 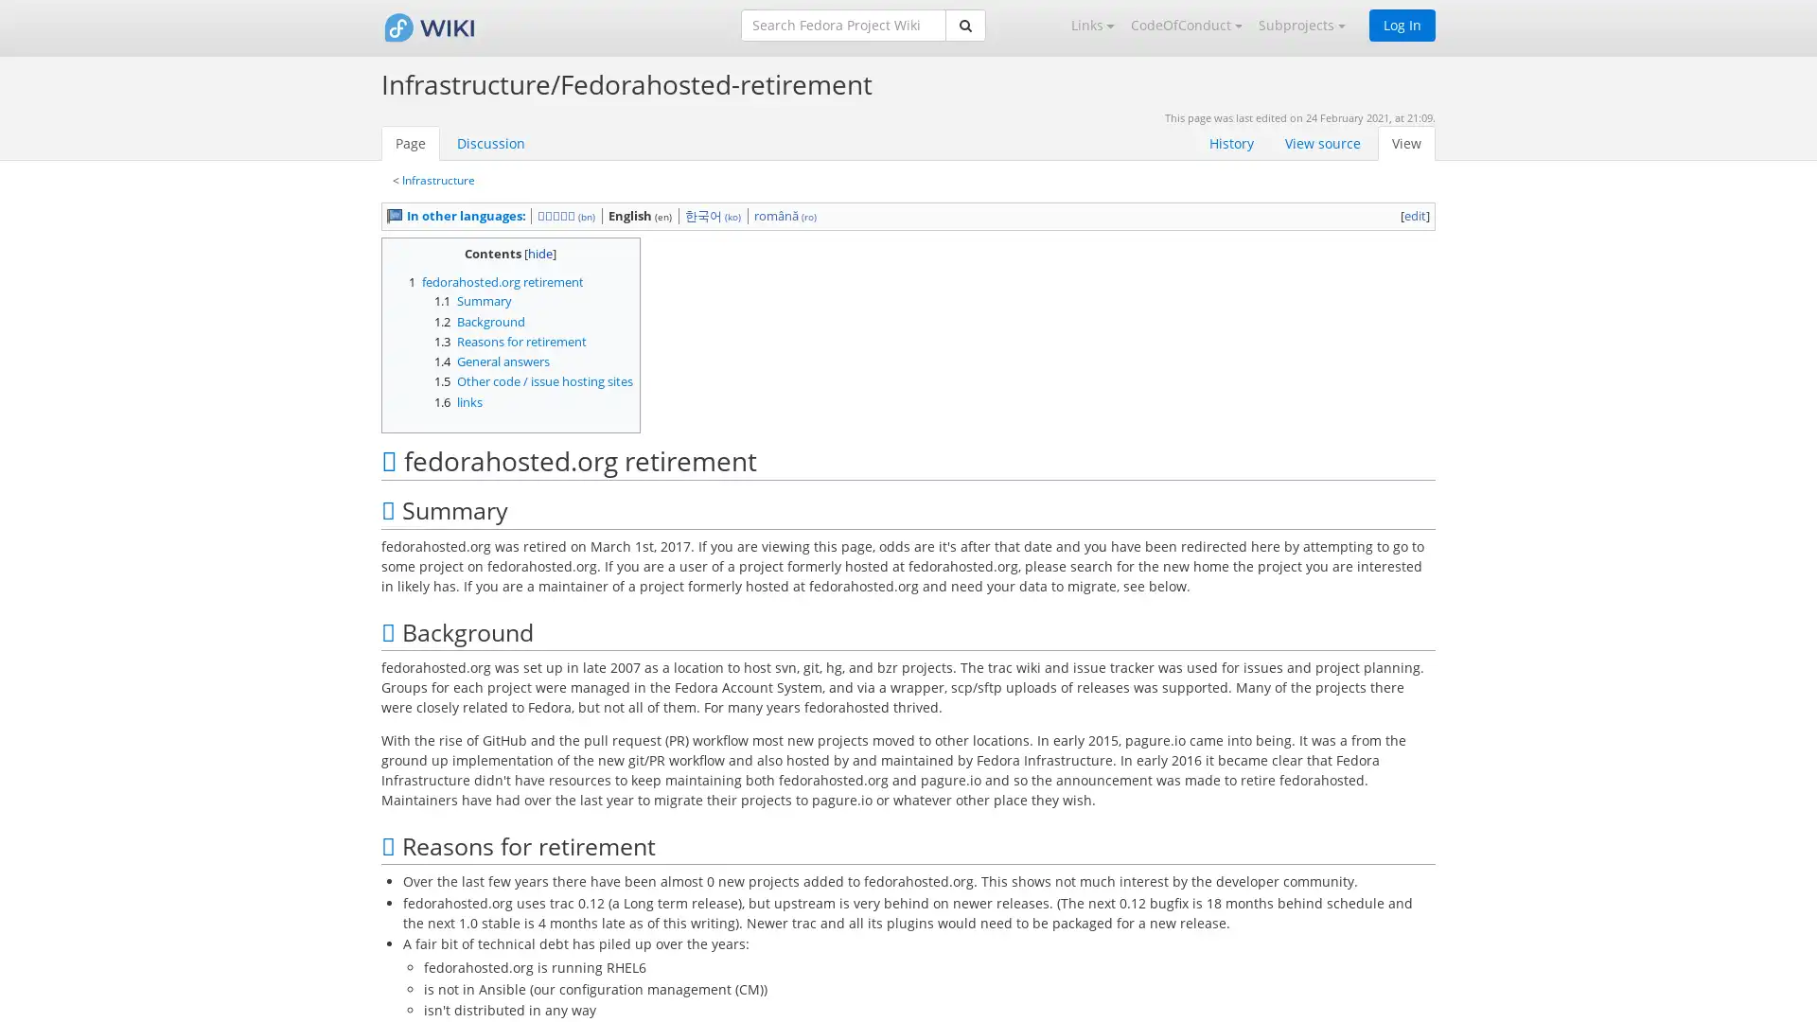 What do you see at coordinates (1187, 25) in the screenshot?
I see `CodeOfConduct` at bounding box center [1187, 25].